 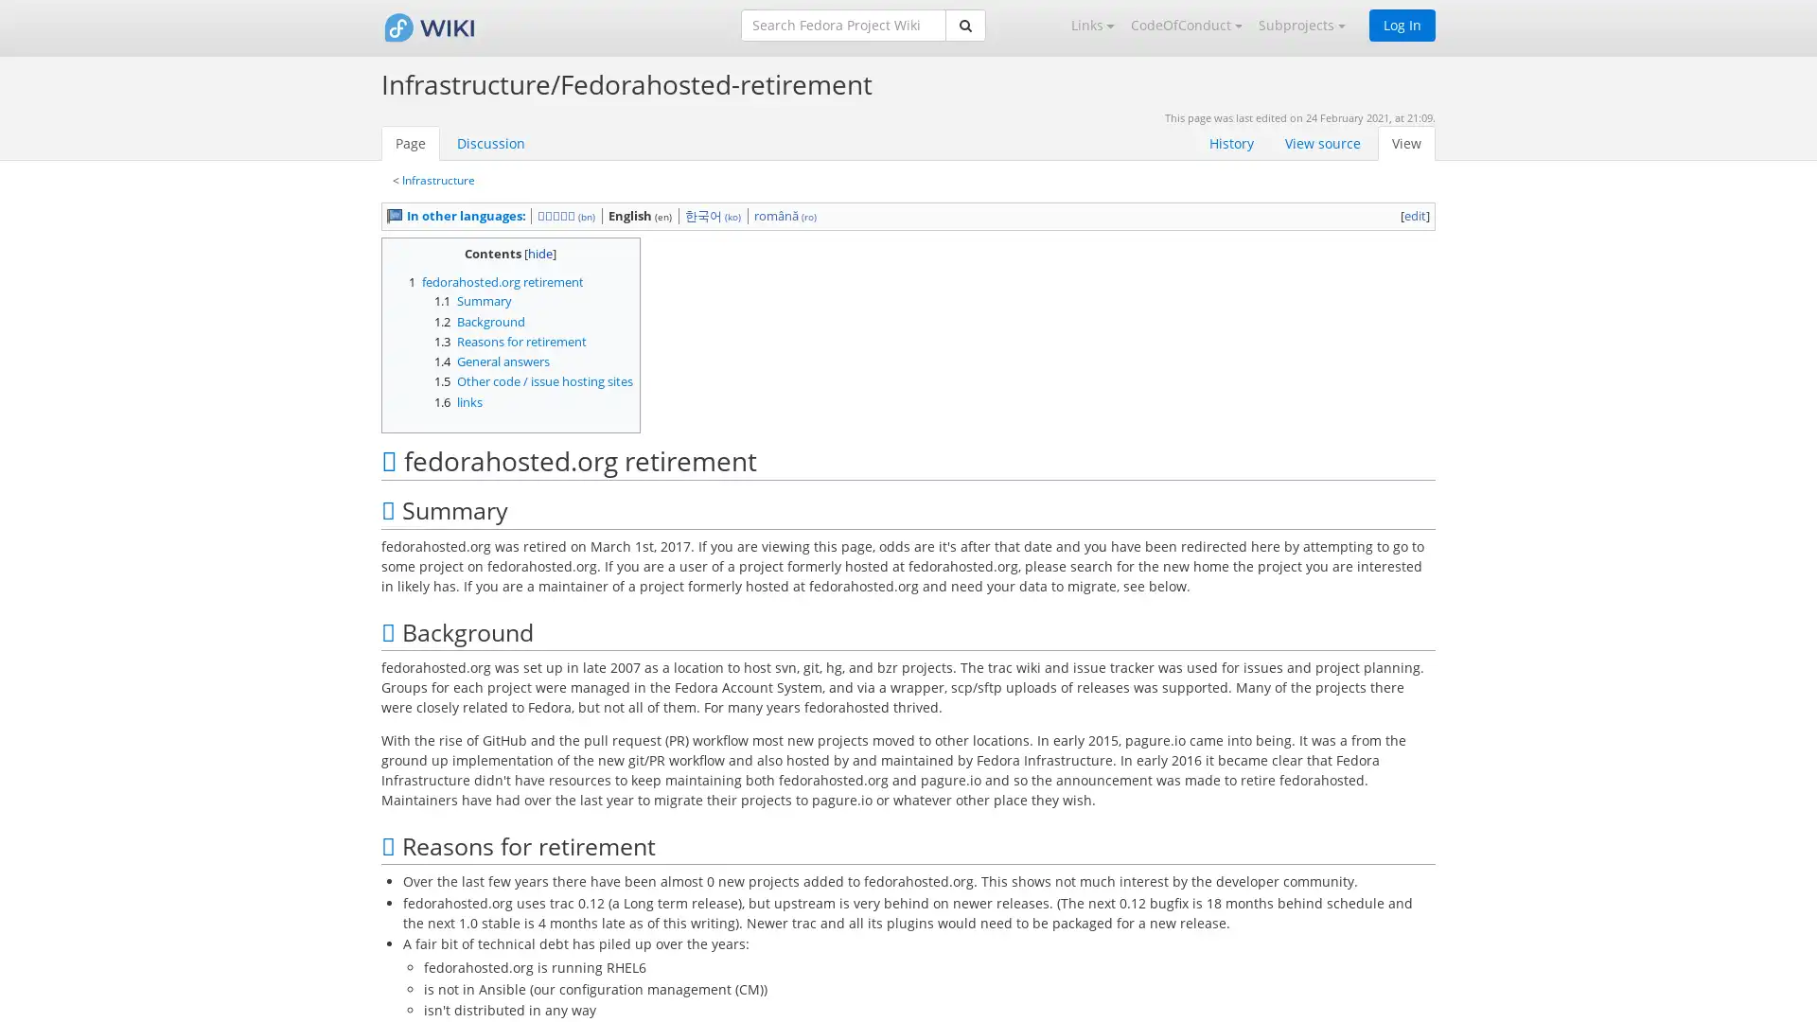 What do you see at coordinates (1187, 25) in the screenshot?
I see `CodeOfConduct` at bounding box center [1187, 25].